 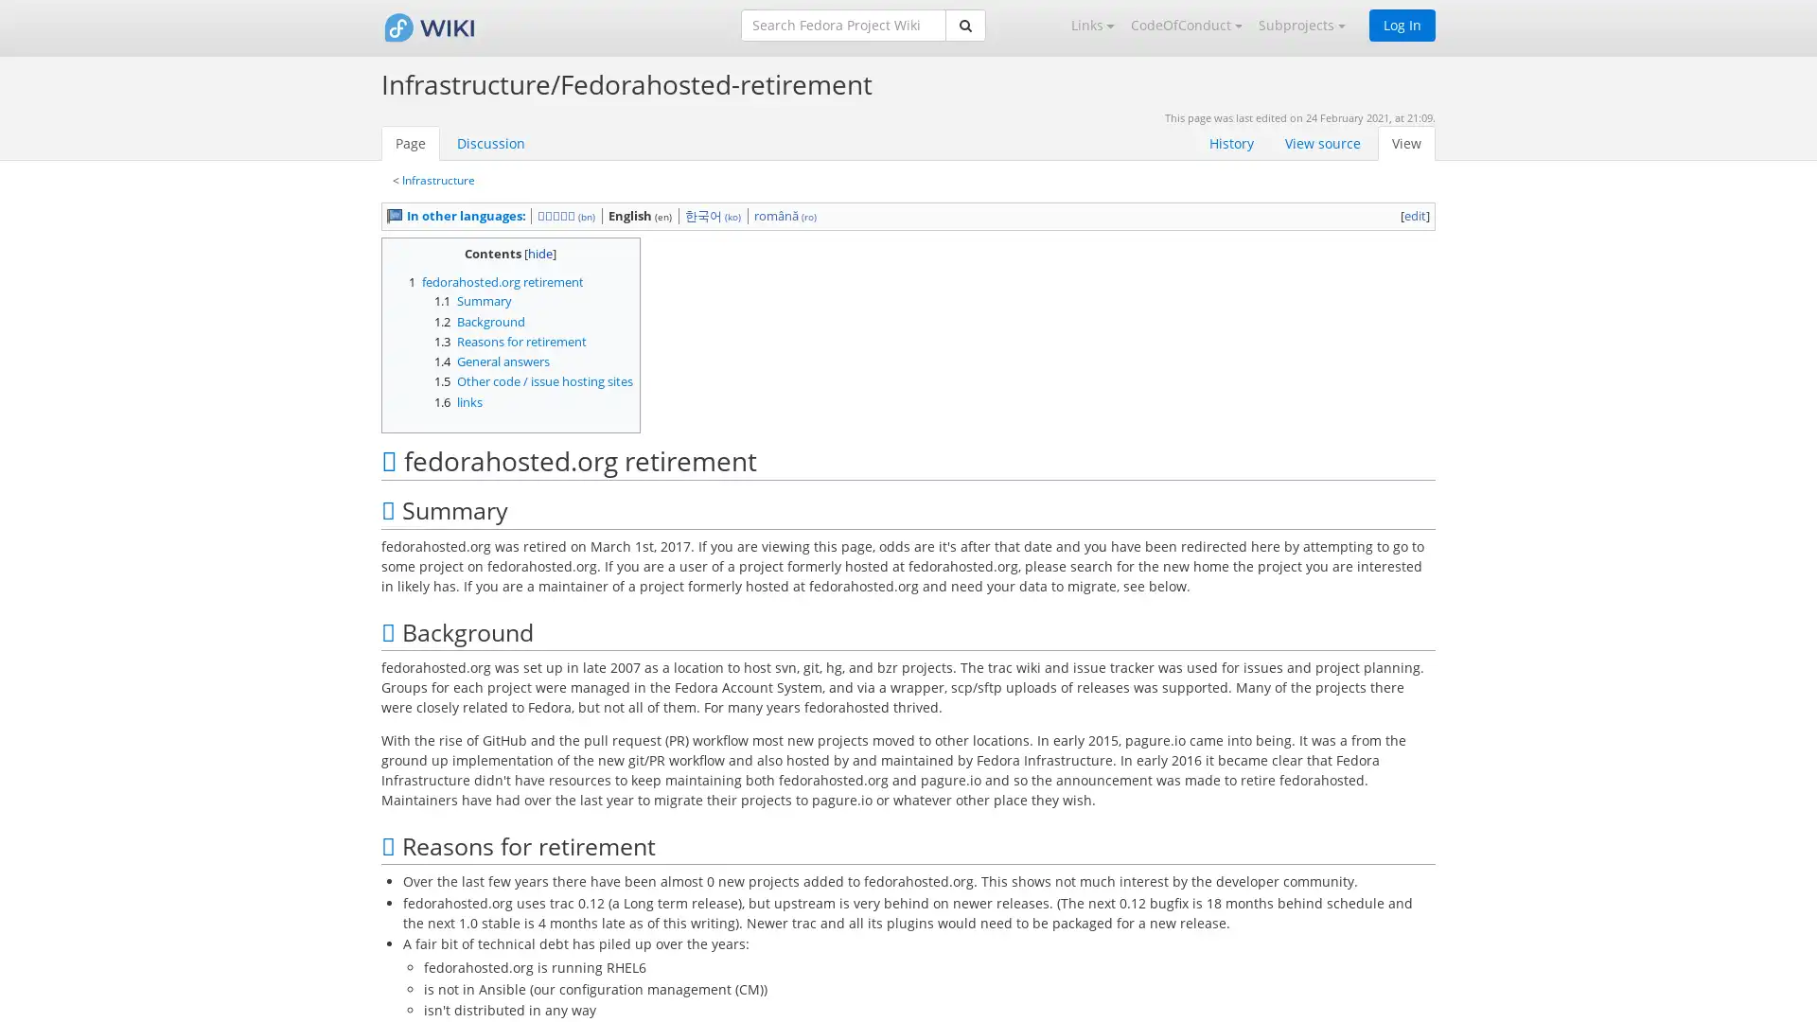 What do you see at coordinates (1187, 25) in the screenshot?
I see `CodeOfConduct` at bounding box center [1187, 25].